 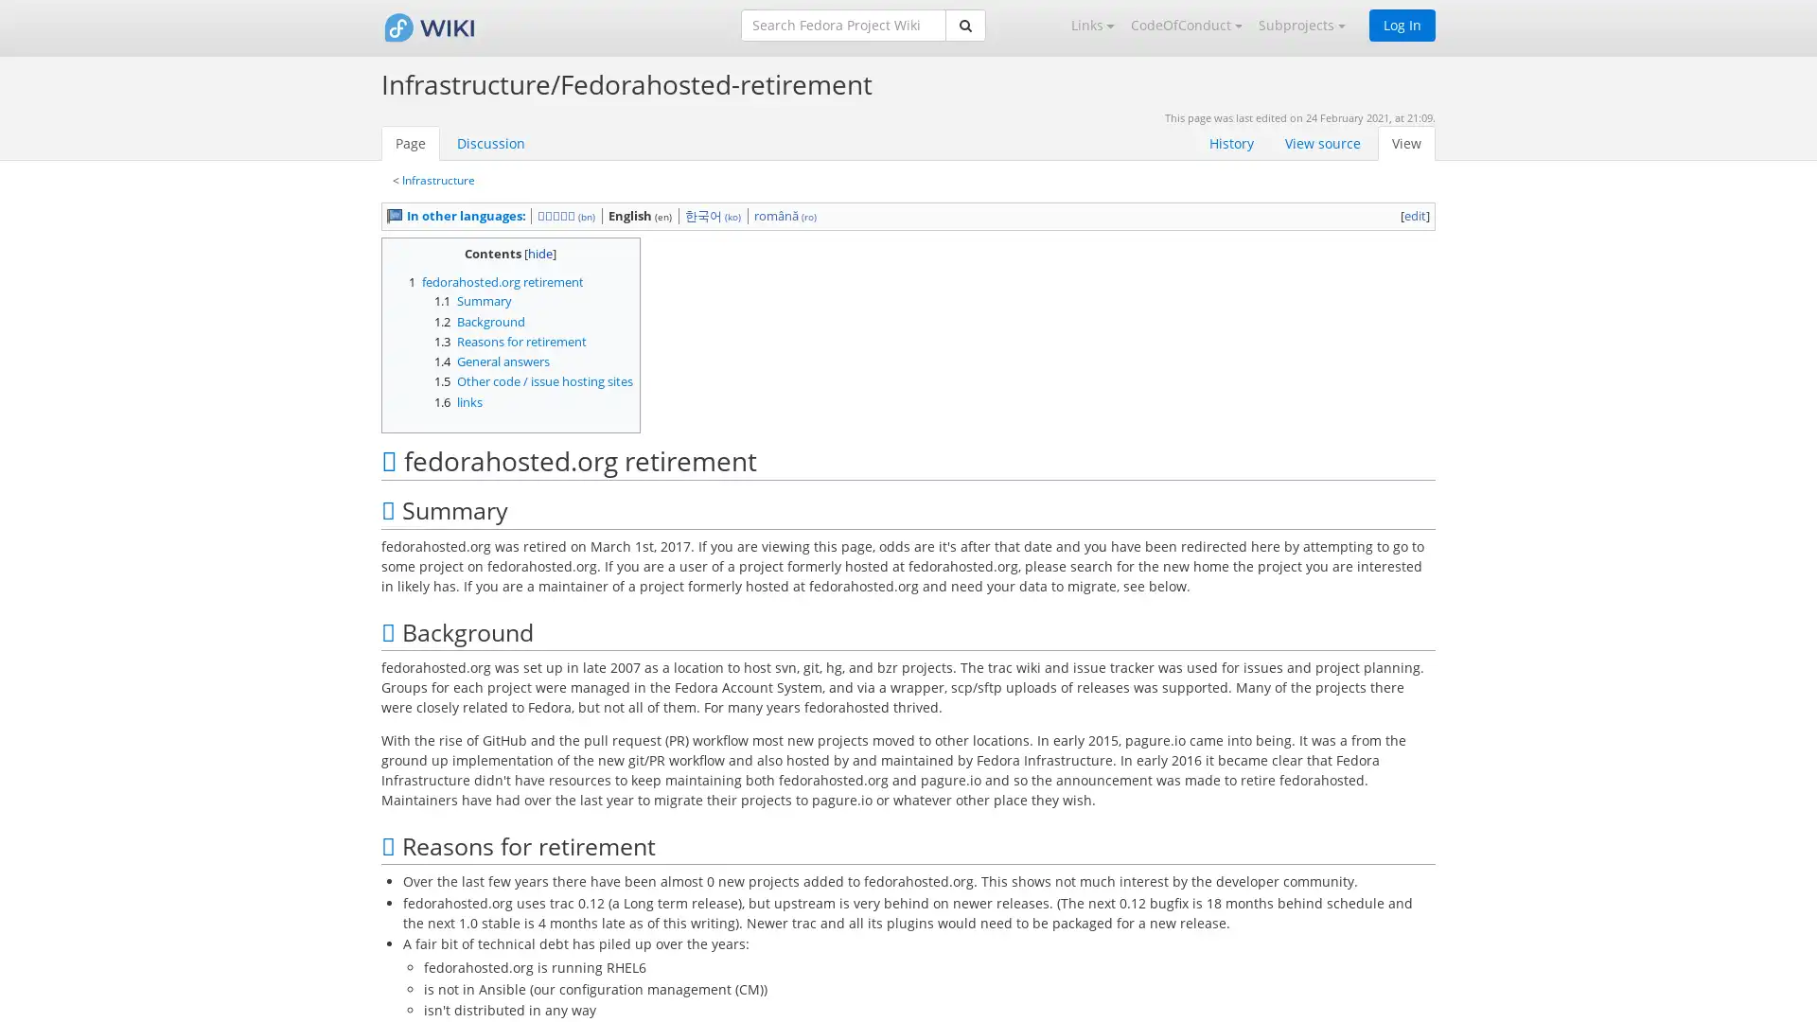 What do you see at coordinates (1187, 25) in the screenshot?
I see `CodeOfConduct` at bounding box center [1187, 25].